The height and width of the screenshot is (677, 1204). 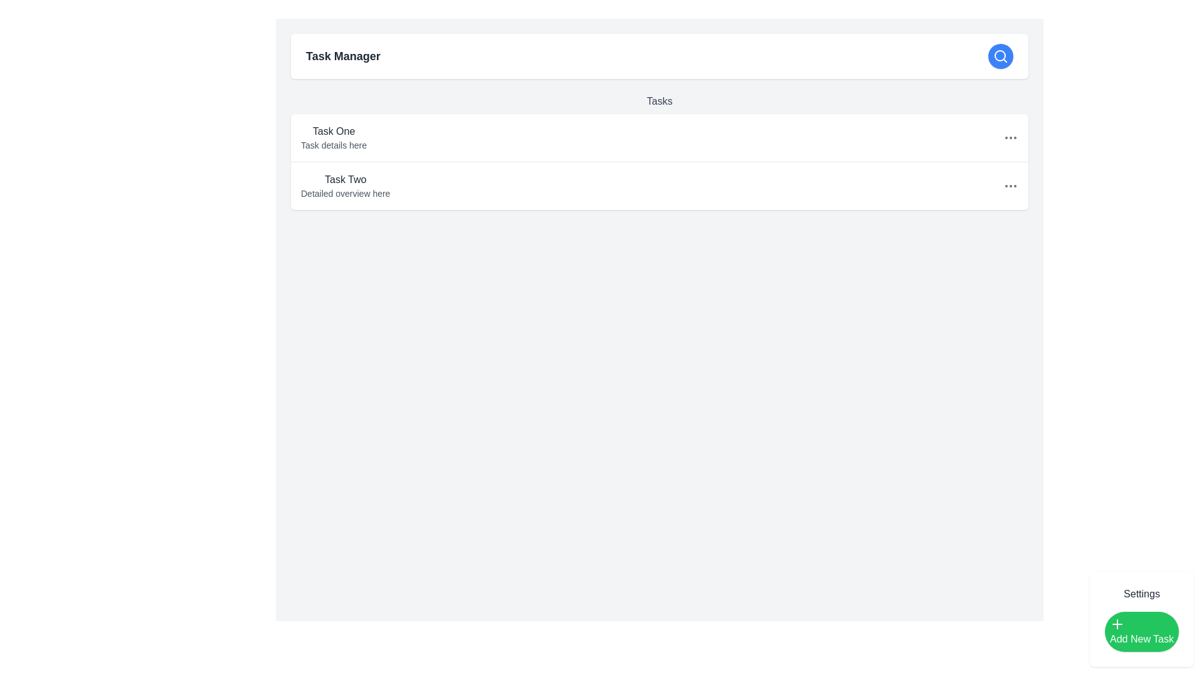 I want to click on the text label displaying 'Task One' in bold dark gray at the top of the task item card in the list view, so click(x=334, y=131).